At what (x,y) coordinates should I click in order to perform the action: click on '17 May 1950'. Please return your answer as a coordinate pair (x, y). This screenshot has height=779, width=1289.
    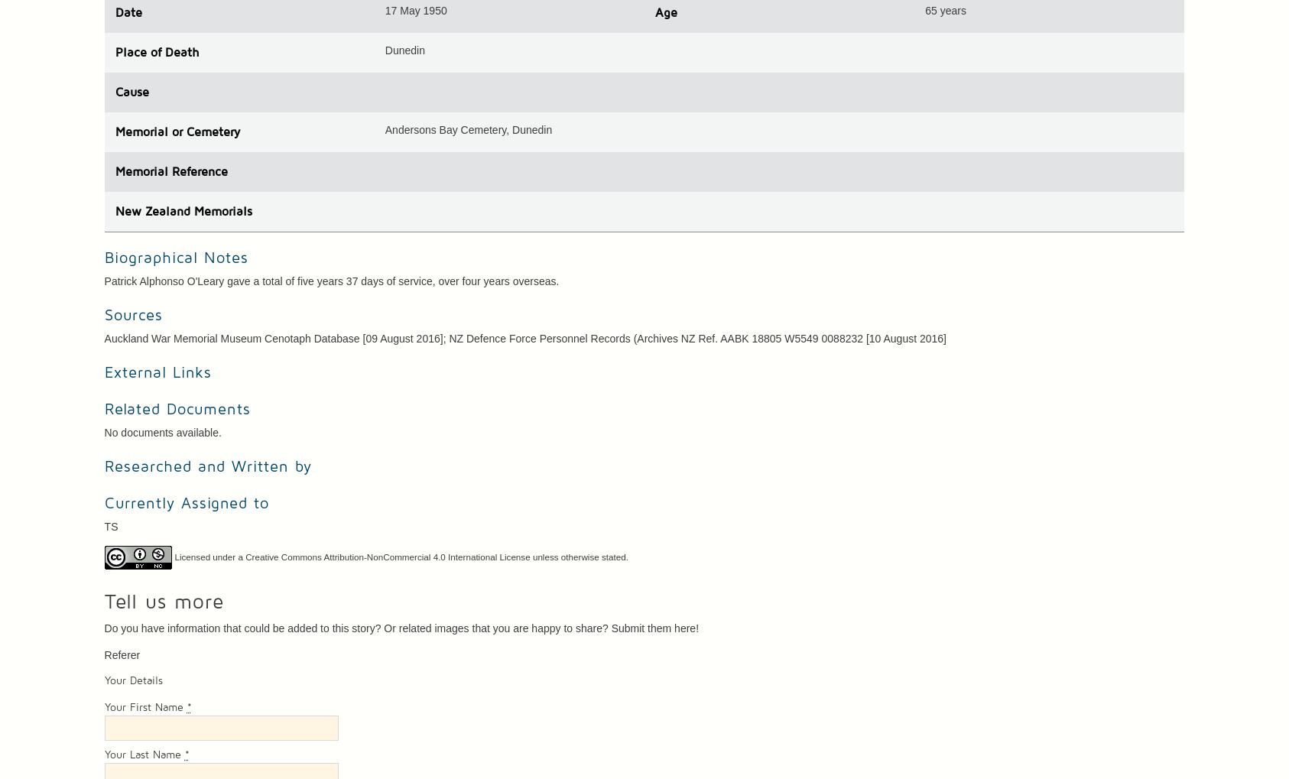
    Looking at the image, I should click on (415, 9).